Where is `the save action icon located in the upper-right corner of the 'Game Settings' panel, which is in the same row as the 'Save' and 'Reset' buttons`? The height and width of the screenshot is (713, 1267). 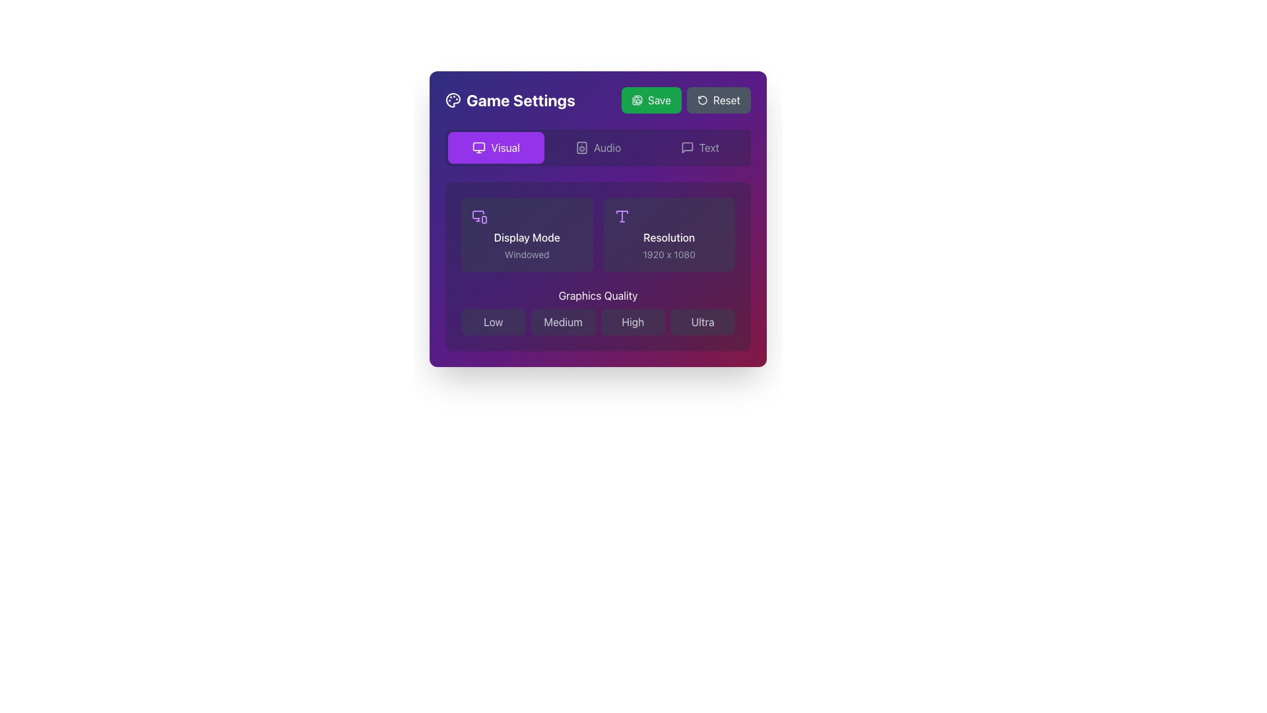 the save action icon located in the upper-right corner of the 'Game Settings' panel, which is in the same row as the 'Save' and 'Reset' buttons is located at coordinates (638, 98).